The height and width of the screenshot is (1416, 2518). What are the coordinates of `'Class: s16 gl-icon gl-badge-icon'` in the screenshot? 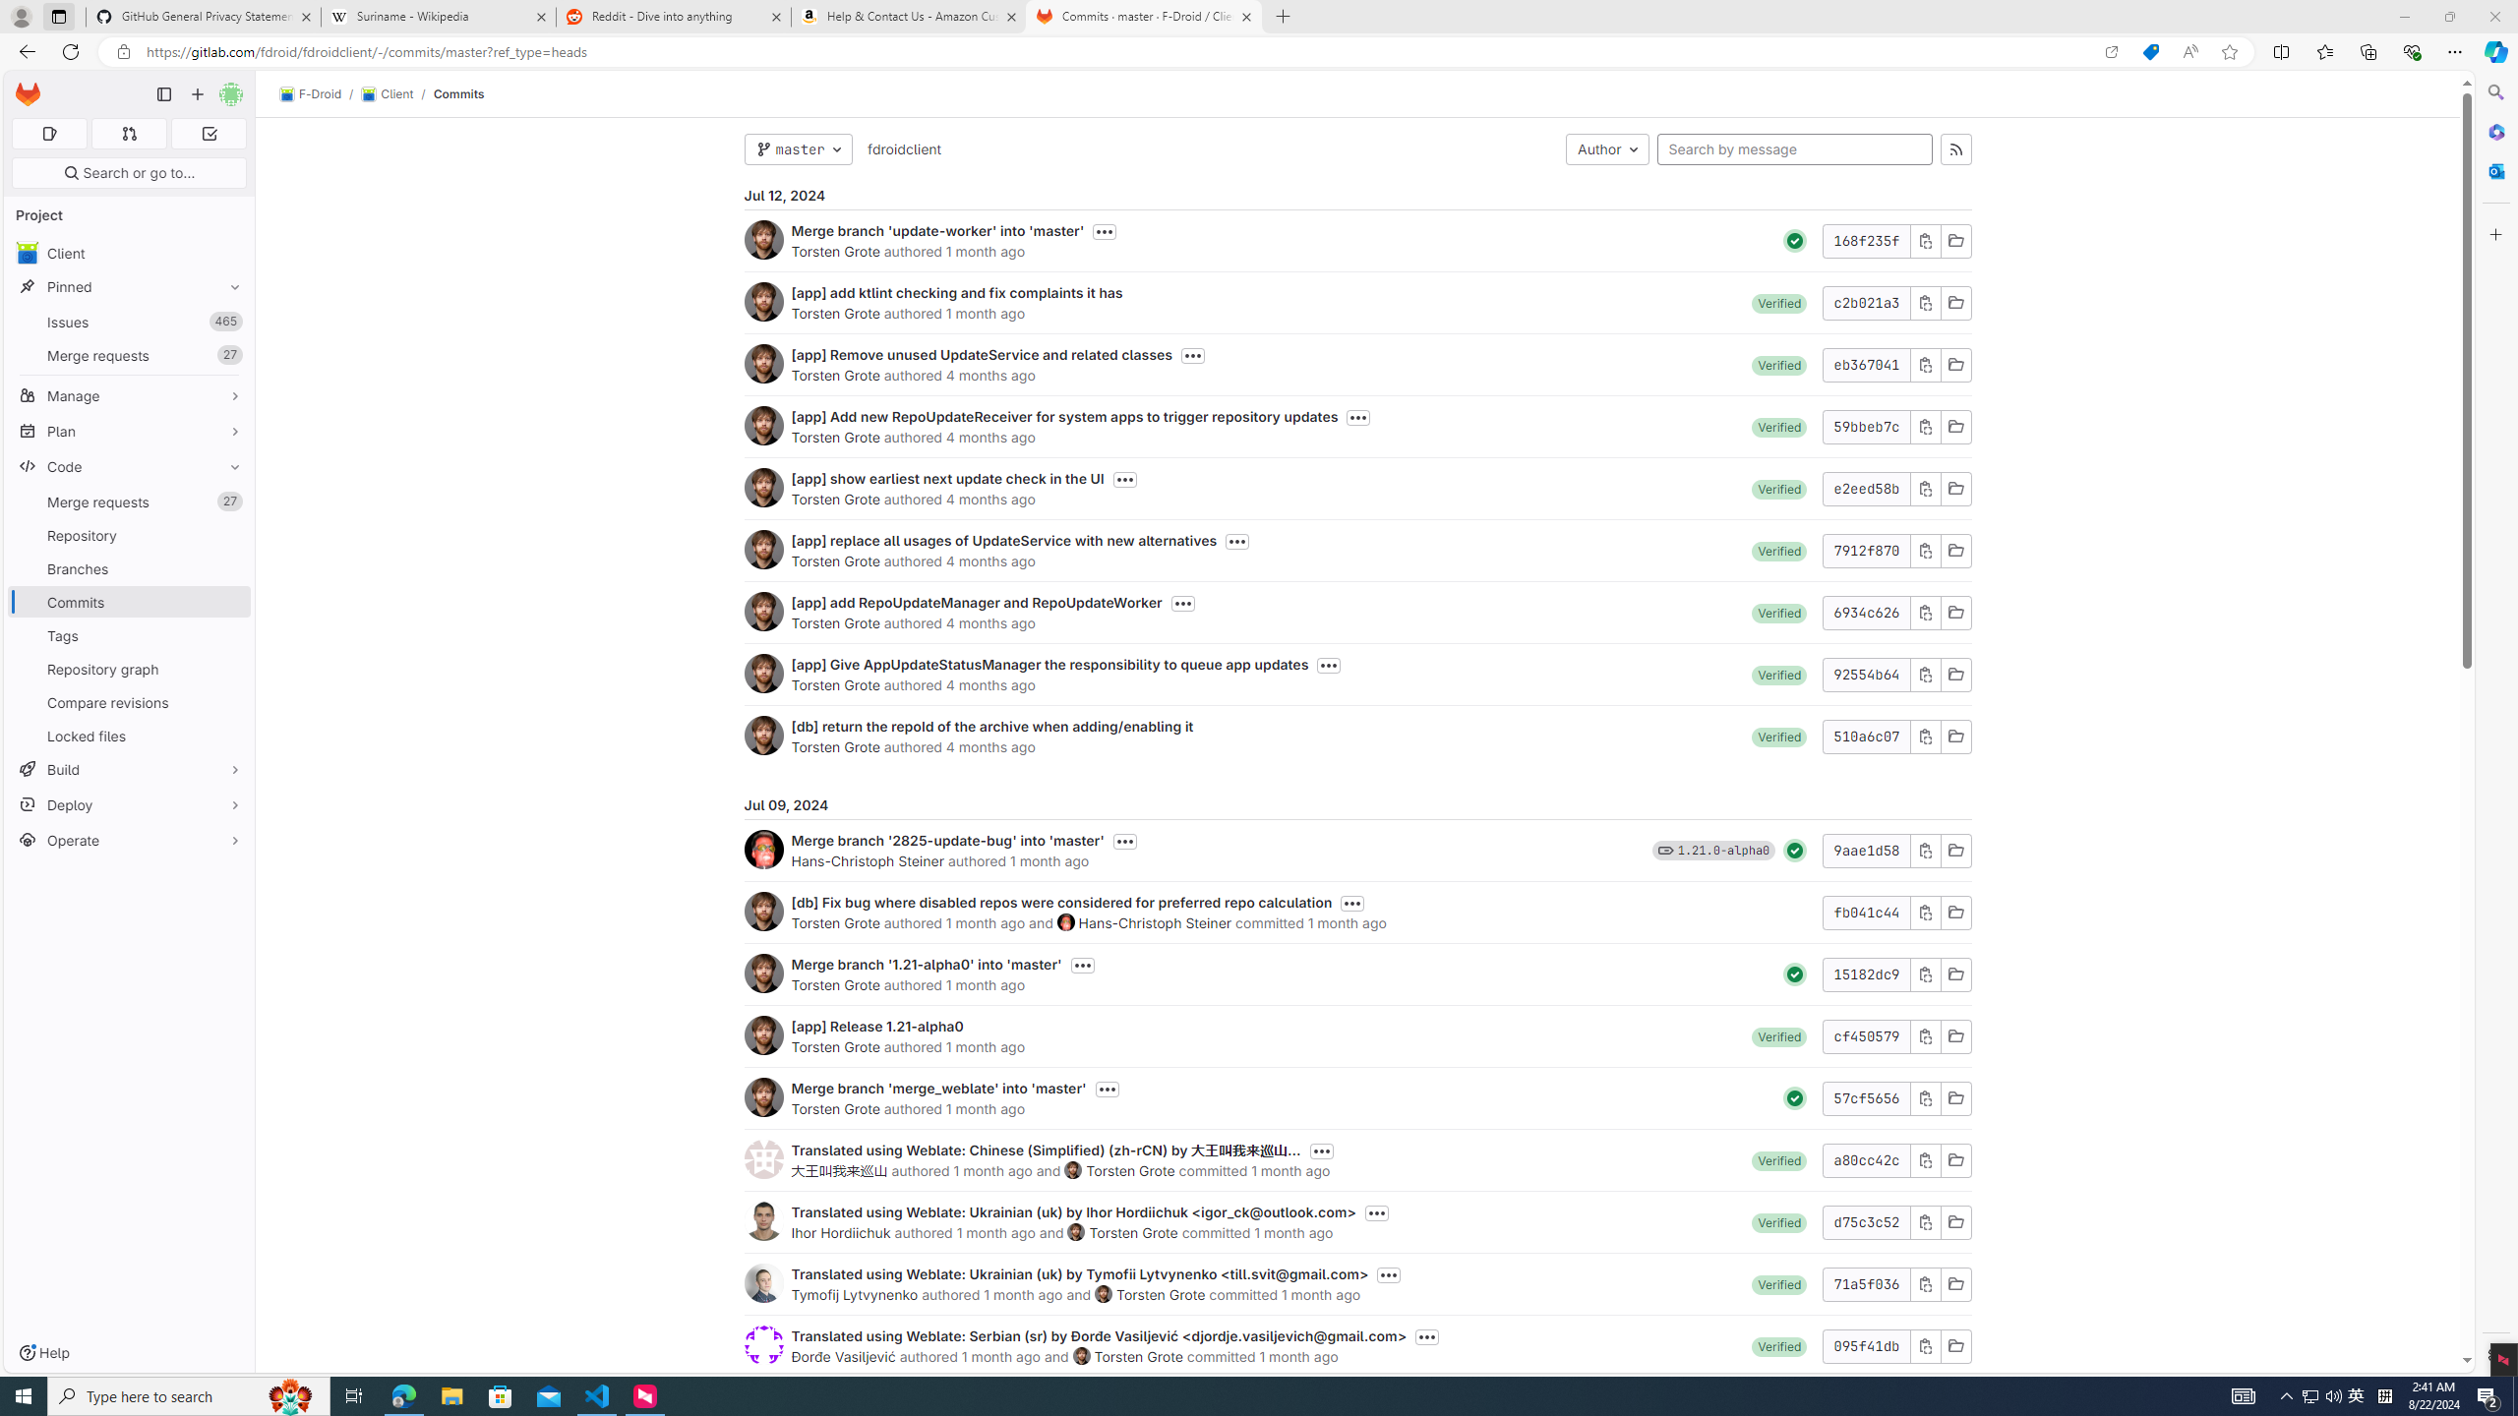 It's located at (1664, 849).